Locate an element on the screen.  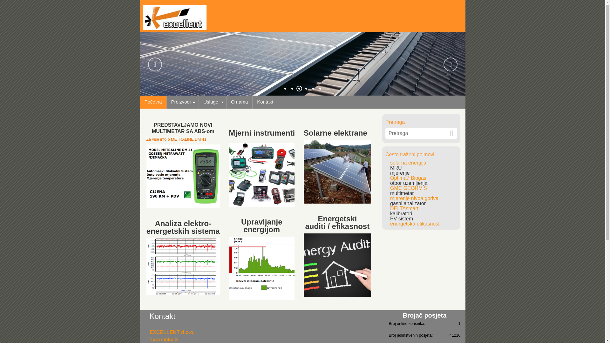
'Proizvodi' is located at coordinates (183, 101).